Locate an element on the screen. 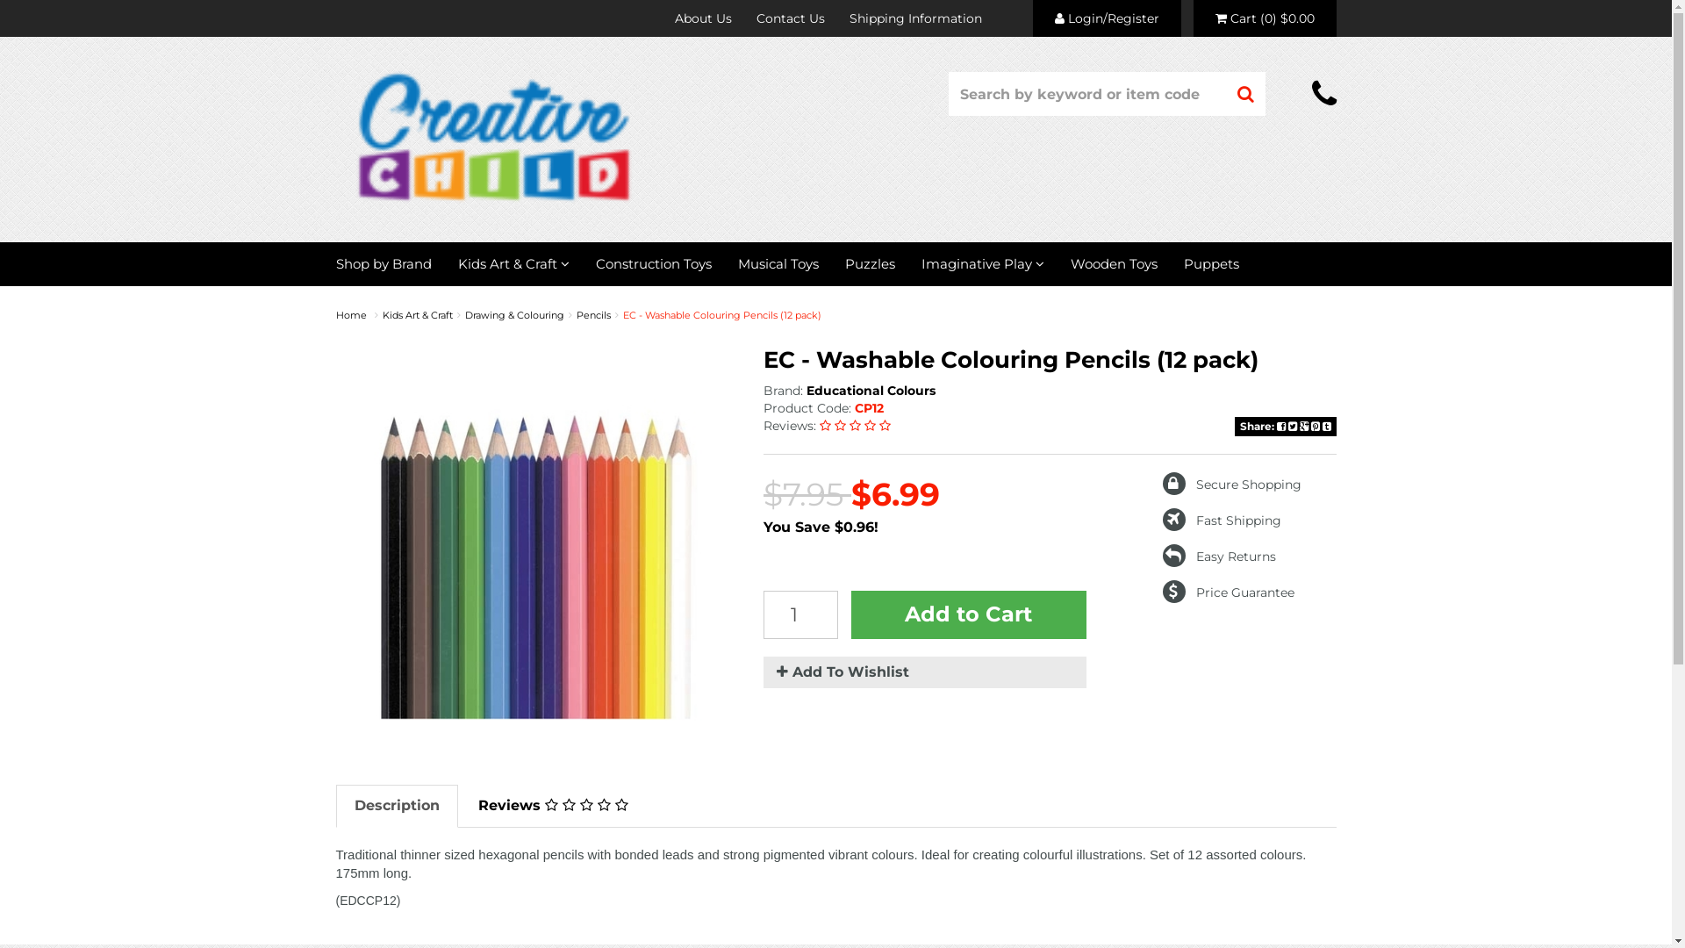 Image resolution: width=1685 pixels, height=948 pixels. 'About Us' is located at coordinates (702, 18).